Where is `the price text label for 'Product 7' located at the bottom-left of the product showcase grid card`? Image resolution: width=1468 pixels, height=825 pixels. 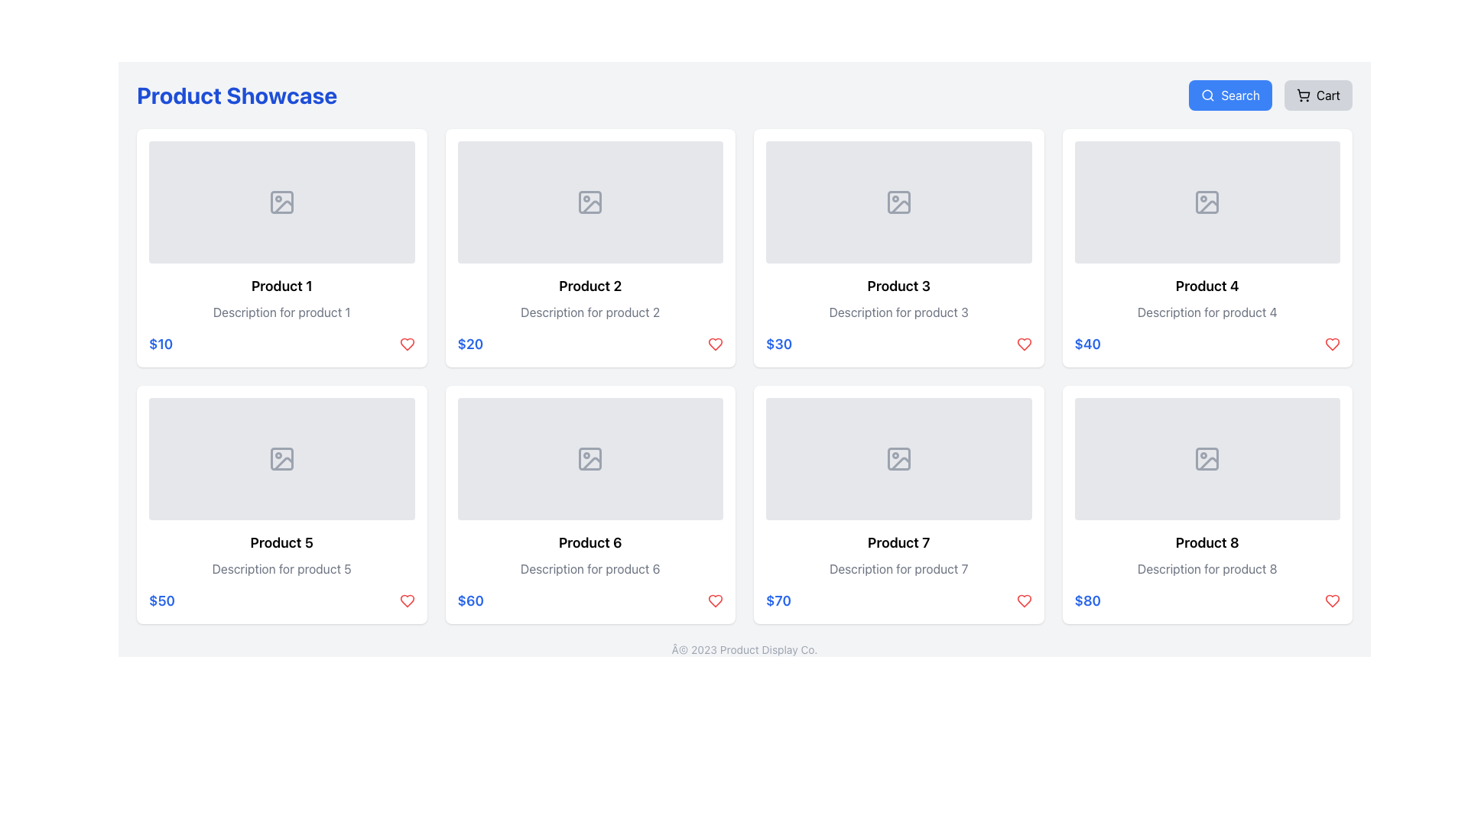 the price text label for 'Product 7' located at the bottom-left of the product showcase grid card is located at coordinates (778, 600).